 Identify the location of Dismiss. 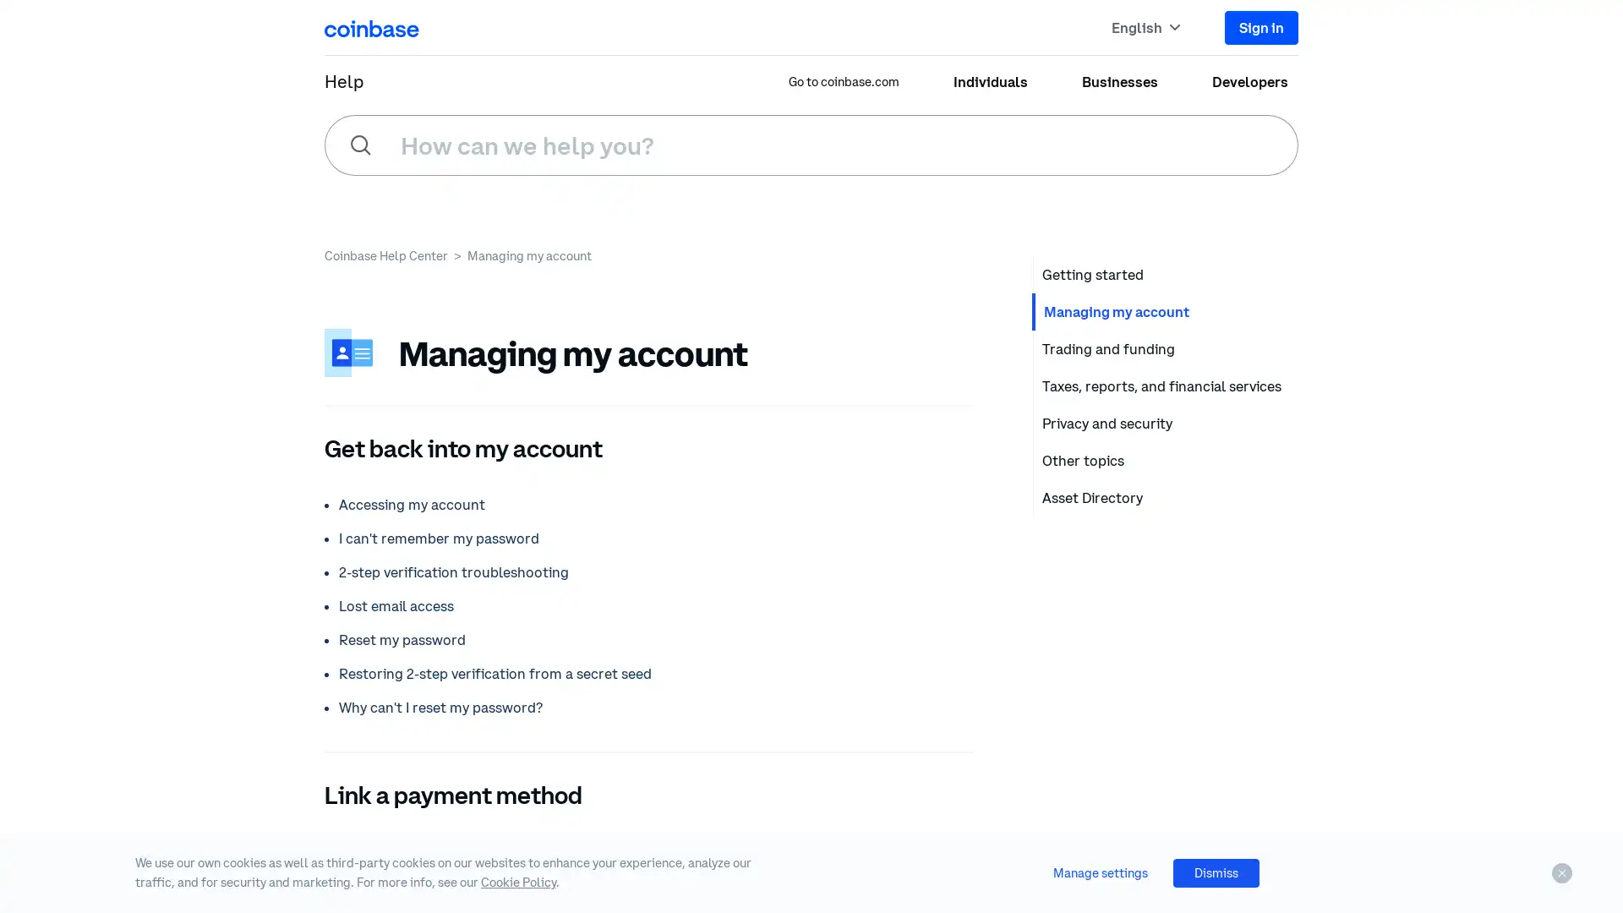
(1216, 872).